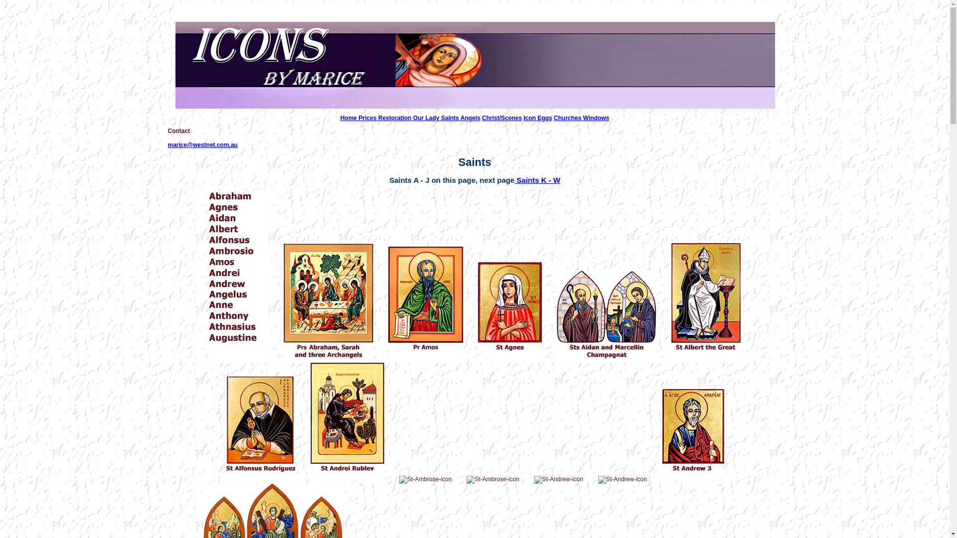 The height and width of the screenshot is (538, 957). Describe the element at coordinates (395, 117) in the screenshot. I see `'Restoration'` at that location.